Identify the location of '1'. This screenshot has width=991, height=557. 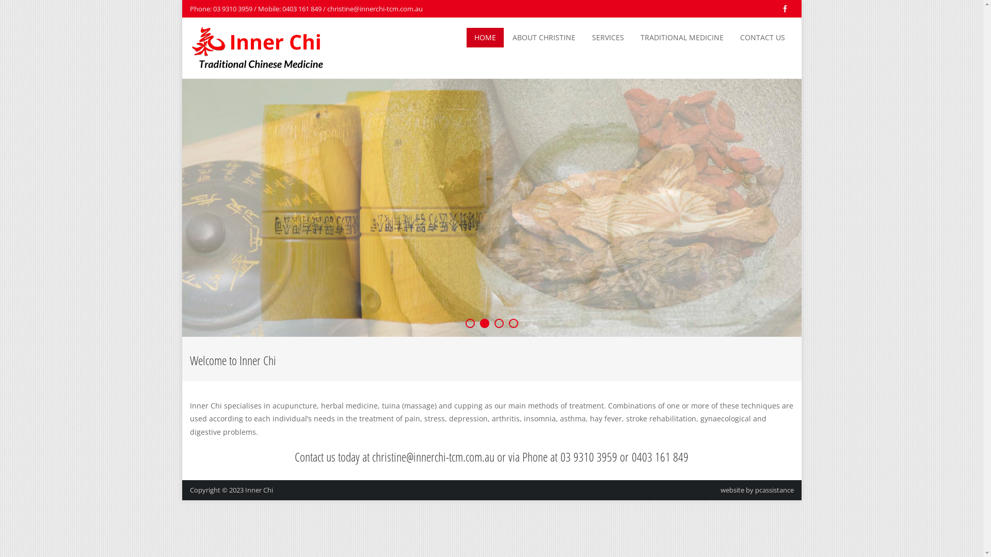
(470, 323).